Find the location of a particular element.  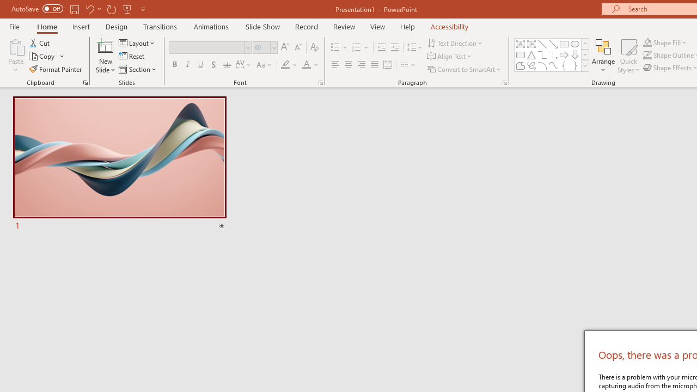

'Increase Indent' is located at coordinates (394, 47).